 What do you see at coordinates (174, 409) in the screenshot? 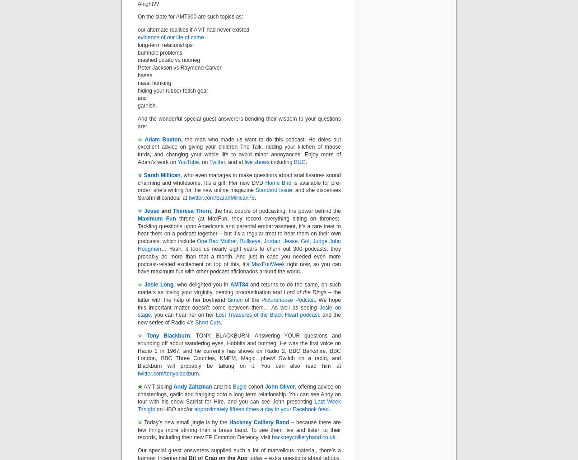
I see `'on HBO and/or'` at bounding box center [174, 409].